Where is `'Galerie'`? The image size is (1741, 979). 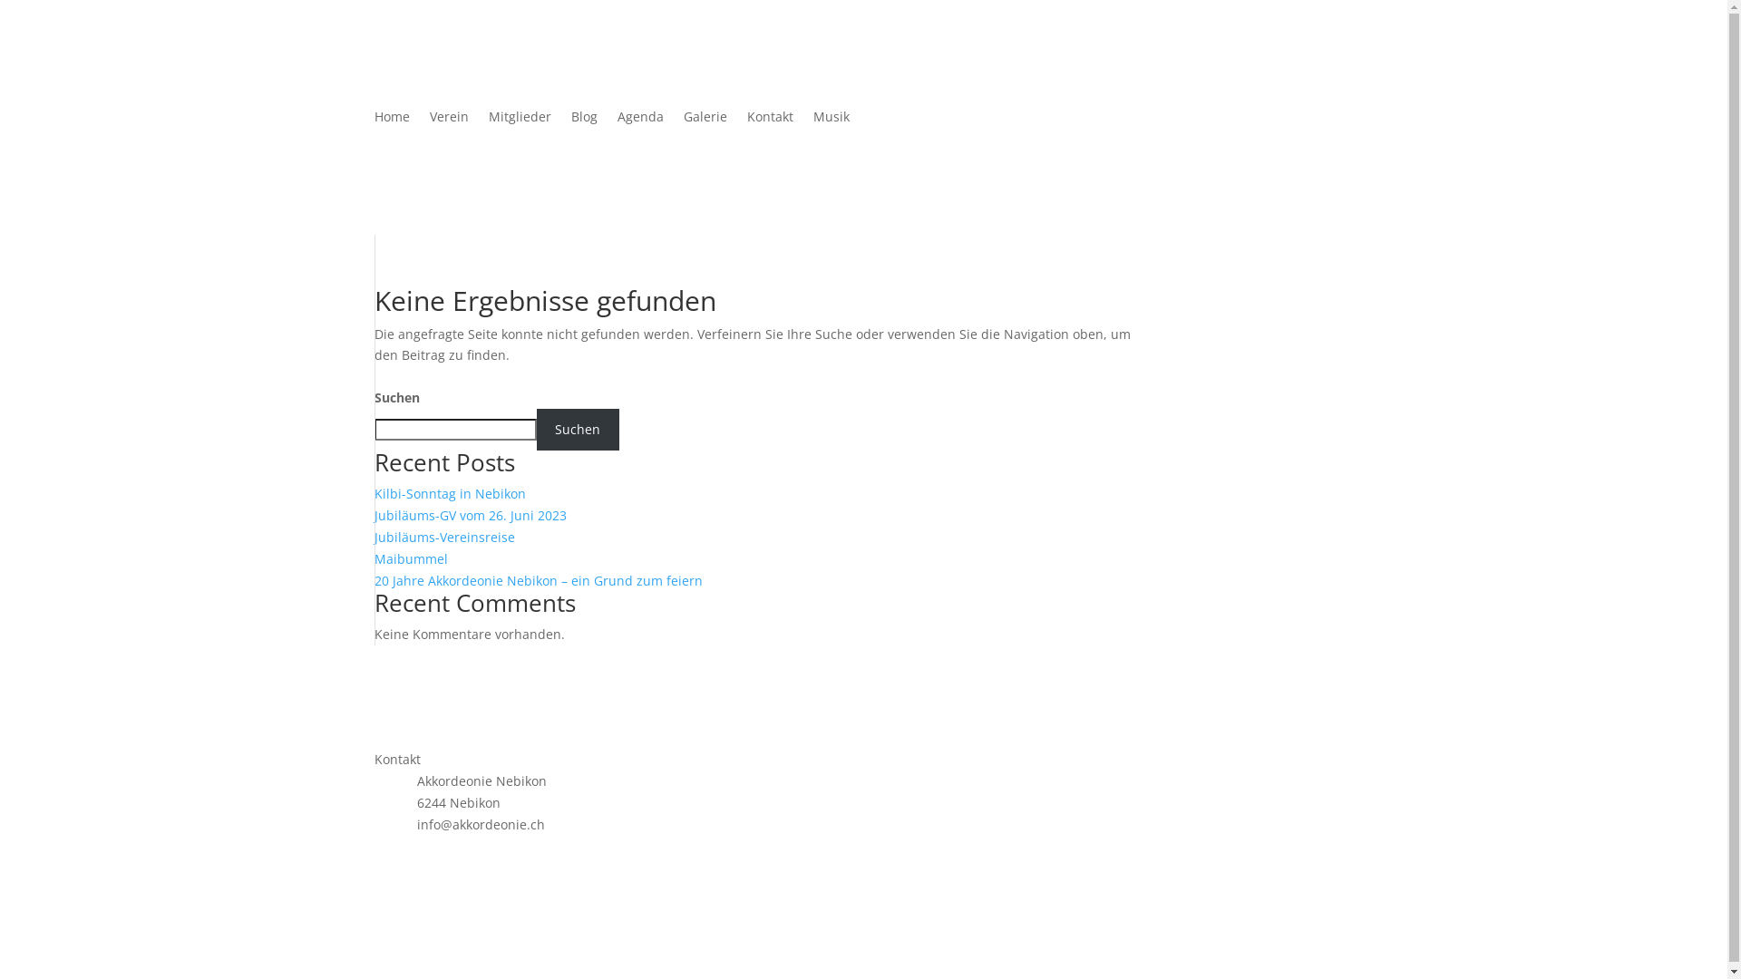 'Galerie' is located at coordinates (704, 120).